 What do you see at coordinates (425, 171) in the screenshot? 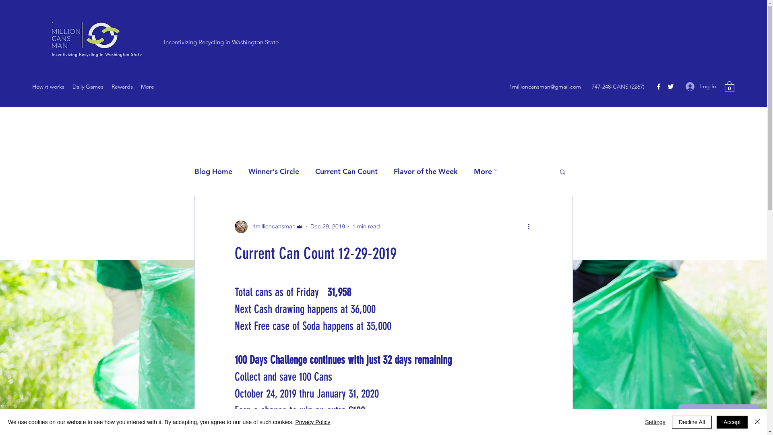
I see `'Flavor of the Week'` at bounding box center [425, 171].